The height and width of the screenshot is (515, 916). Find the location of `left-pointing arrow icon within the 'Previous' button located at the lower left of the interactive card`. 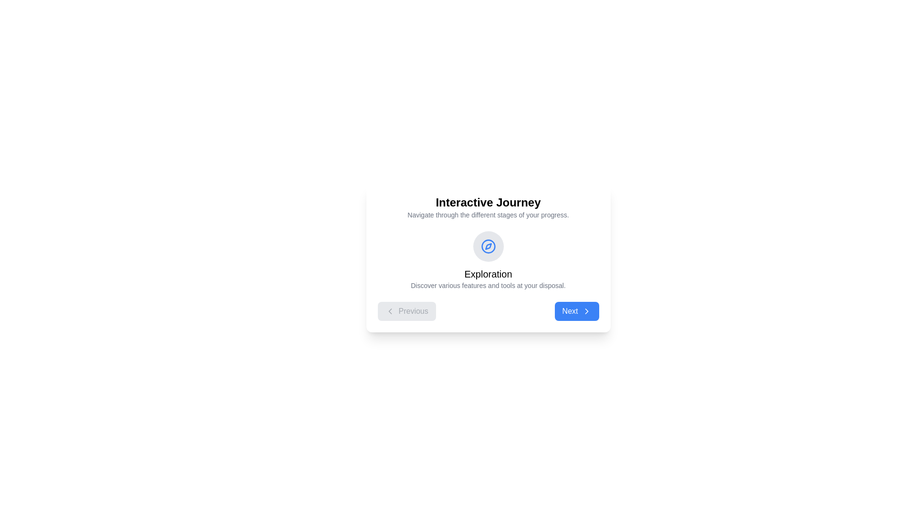

left-pointing arrow icon within the 'Previous' button located at the lower left of the interactive card is located at coordinates (390, 311).